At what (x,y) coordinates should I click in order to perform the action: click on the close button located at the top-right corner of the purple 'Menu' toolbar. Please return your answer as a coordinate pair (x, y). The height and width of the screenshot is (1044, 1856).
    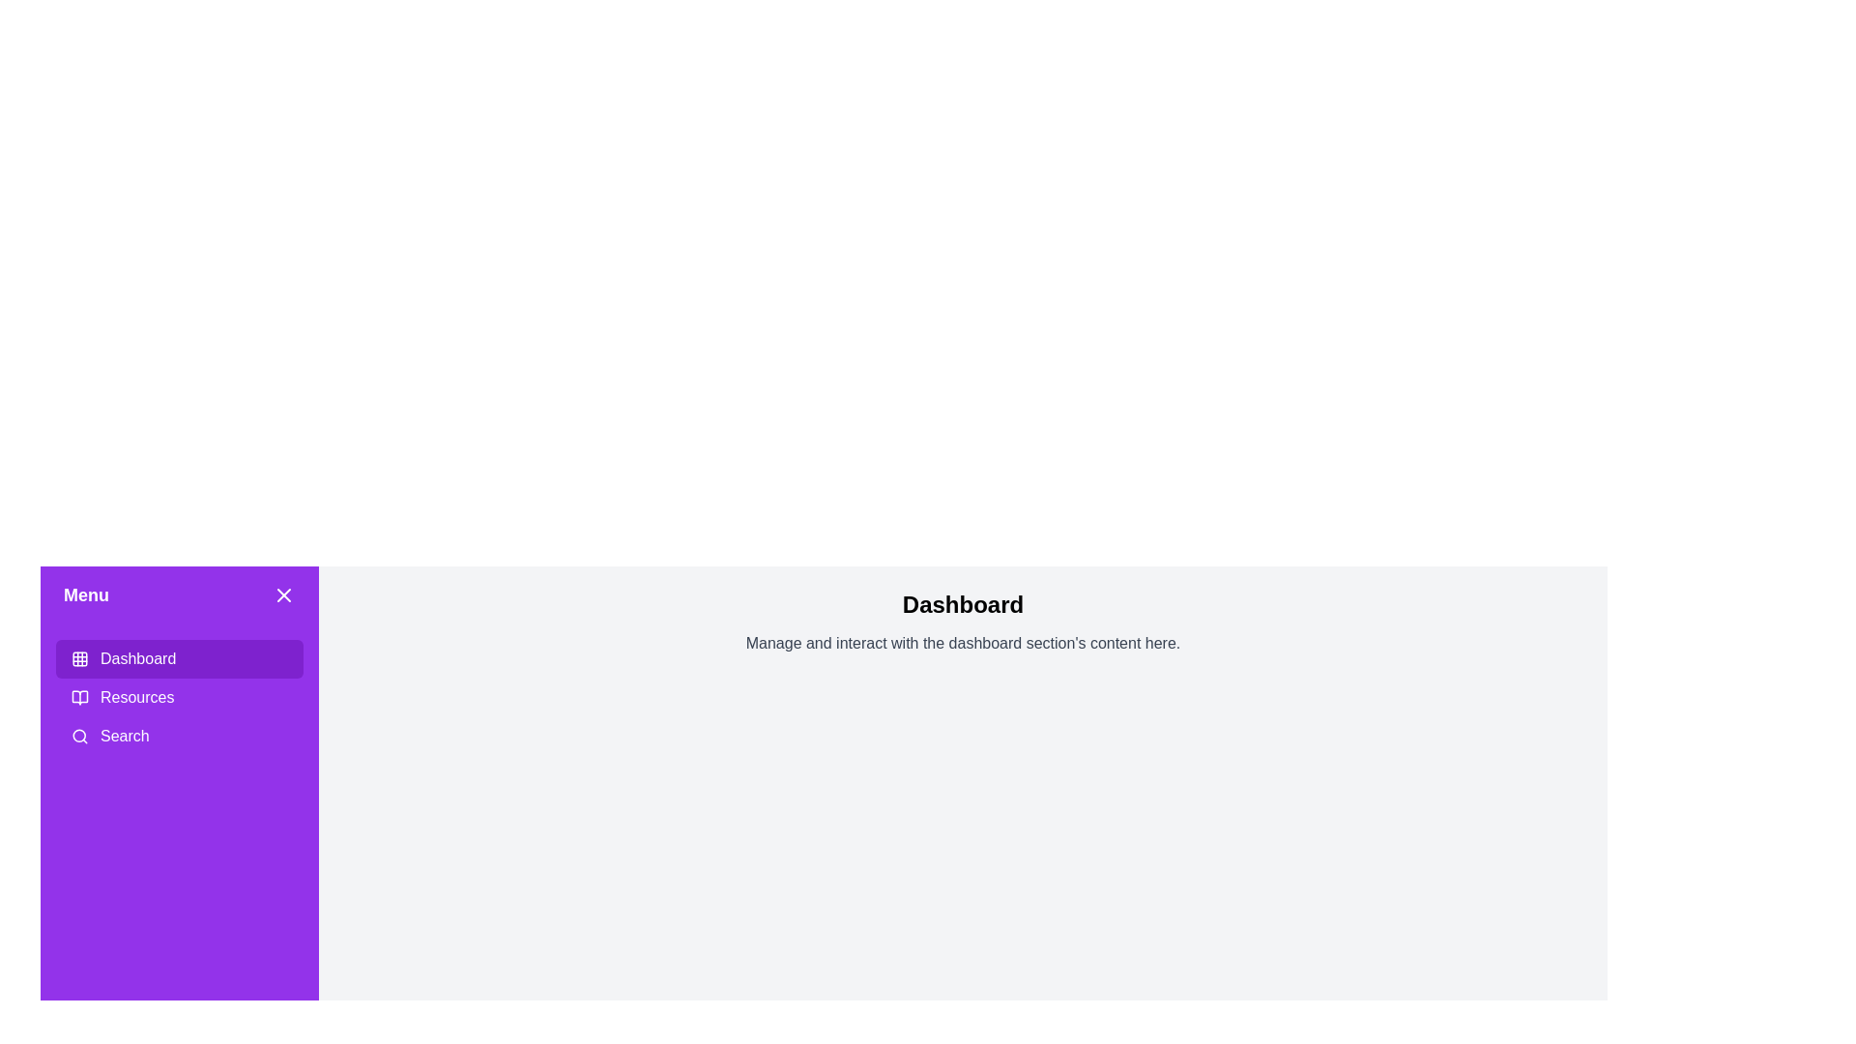
    Looking at the image, I should click on (282, 594).